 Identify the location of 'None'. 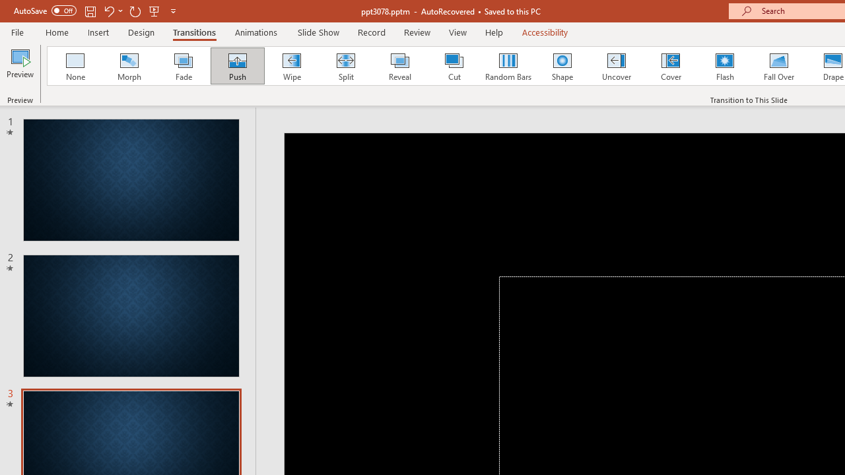
(74, 66).